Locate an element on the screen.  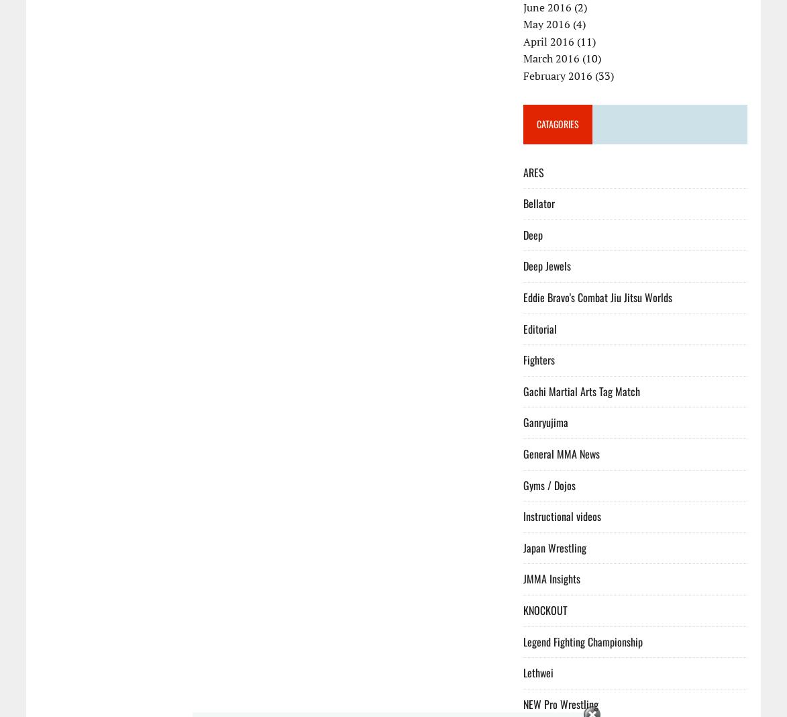
'(4)' is located at coordinates (578, 23).